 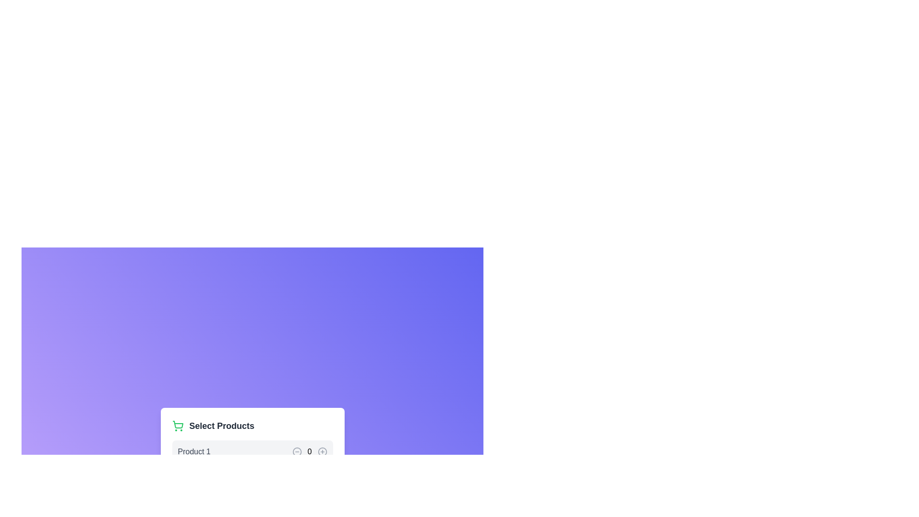 I want to click on the Static Text element that displays the current numeric value, positioned centrally between the decrement and increment buttons, so click(x=310, y=452).